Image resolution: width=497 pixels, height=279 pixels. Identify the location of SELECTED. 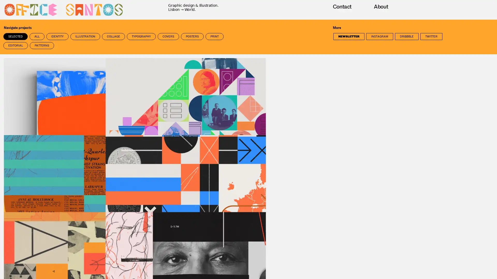
(15, 36).